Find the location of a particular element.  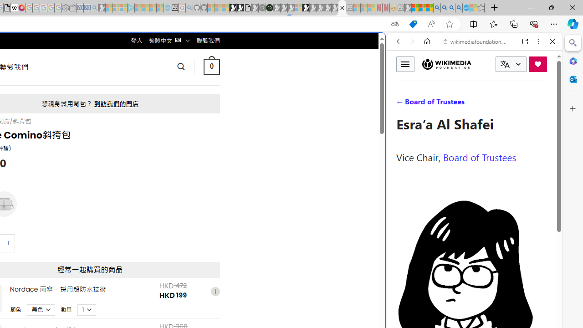

'Class: i icon icon-translate language-switcher__icon' is located at coordinates (505, 64).